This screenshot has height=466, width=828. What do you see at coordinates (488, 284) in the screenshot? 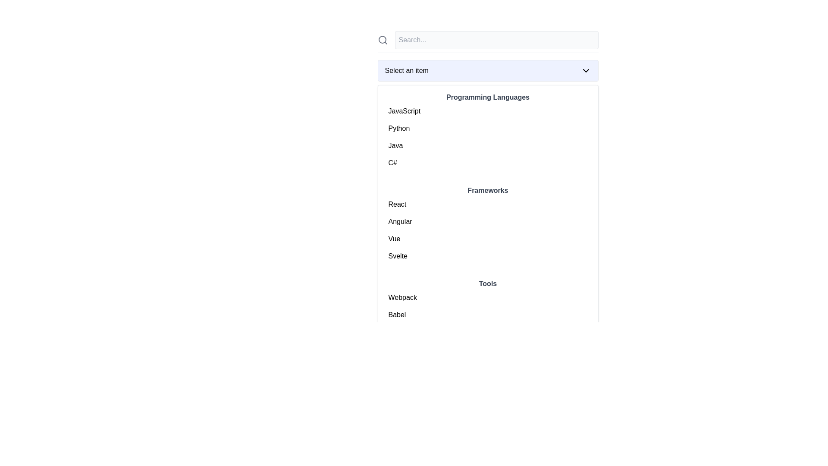
I see `the static text element that serves as the header for the tools or utilities section, located above the 'Webpack' entry` at bounding box center [488, 284].